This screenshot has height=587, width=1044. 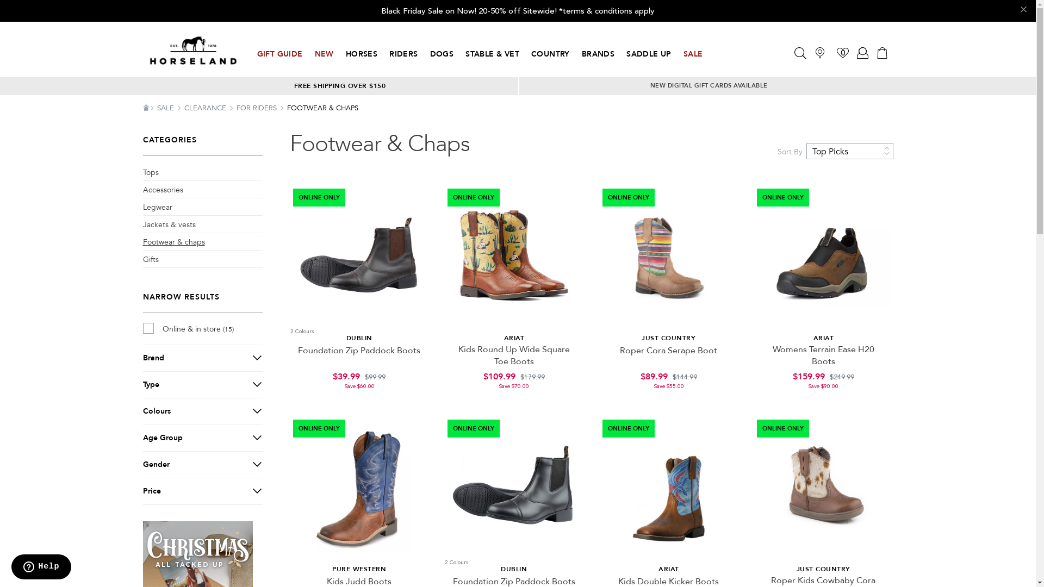 I want to click on 'FOR RIDERS', so click(x=235, y=108).